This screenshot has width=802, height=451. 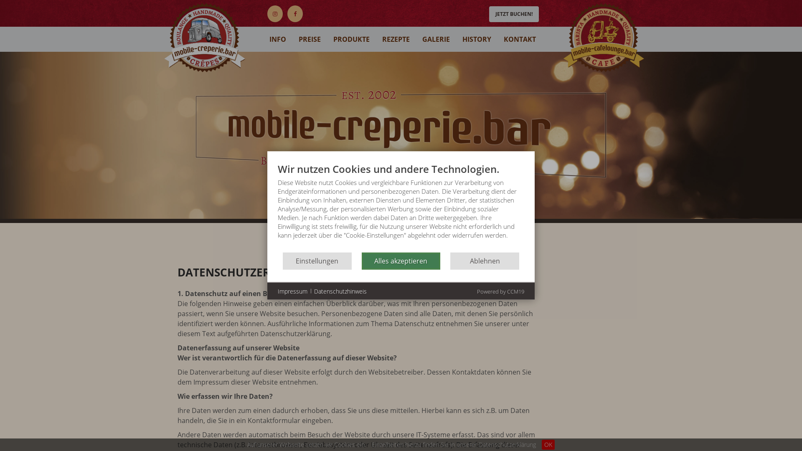 I want to click on 'GALERIE', so click(x=416, y=39).